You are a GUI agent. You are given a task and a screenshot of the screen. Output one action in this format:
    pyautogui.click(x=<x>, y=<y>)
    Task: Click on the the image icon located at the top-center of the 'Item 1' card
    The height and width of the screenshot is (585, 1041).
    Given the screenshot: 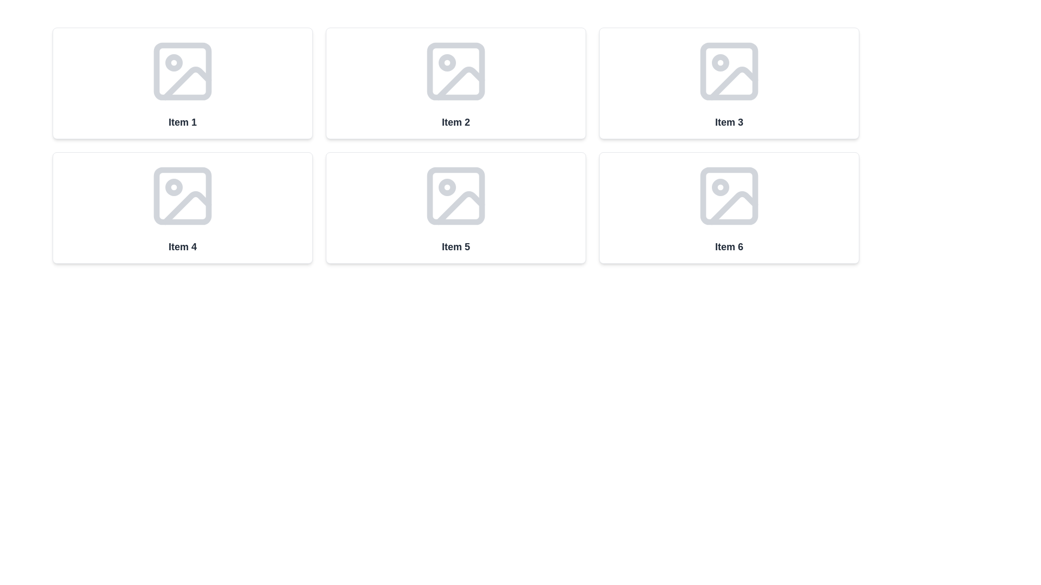 What is the action you would take?
    pyautogui.click(x=182, y=71)
    